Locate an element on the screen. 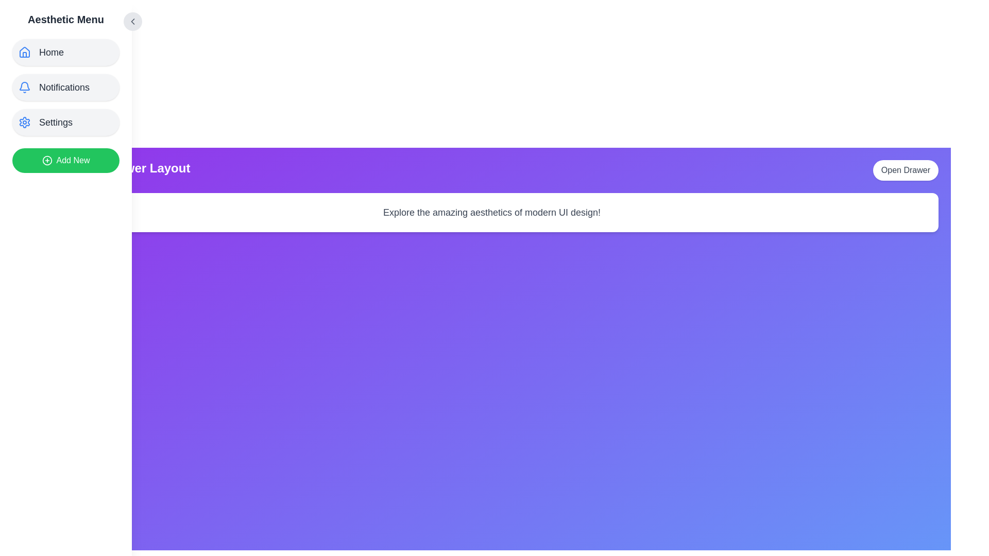 This screenshot has width=989, height=556. the 'Settings' text label, which is the third item in the left menu panel, displayed in bold dark gray font on a light-gray rounded background is located at coordinates (55, 122).